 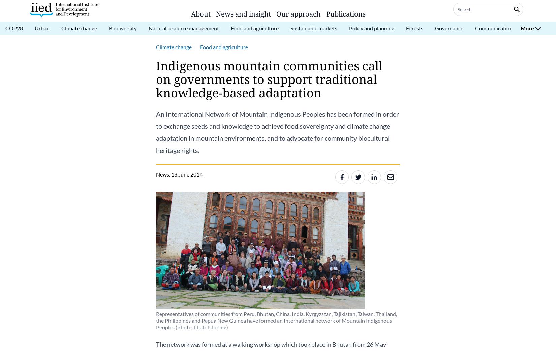 What do you see at coordinates (406, 28) in the screenshot?
I see `'Forests'` at bounding box center [406, 28].